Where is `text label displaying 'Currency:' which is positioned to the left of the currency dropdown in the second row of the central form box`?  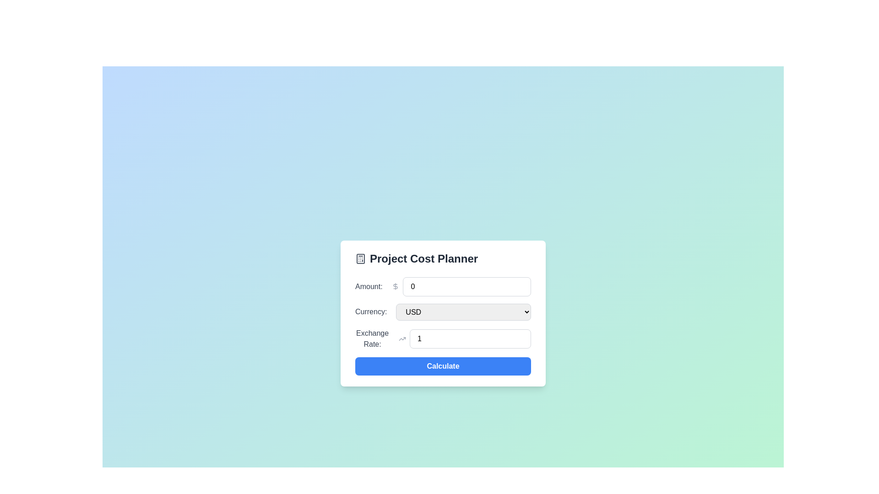
text label displaying 'Currency:' which is positioned to the left of the currency dropdown in the second row of the central form box is located at coordinates (371, 311).